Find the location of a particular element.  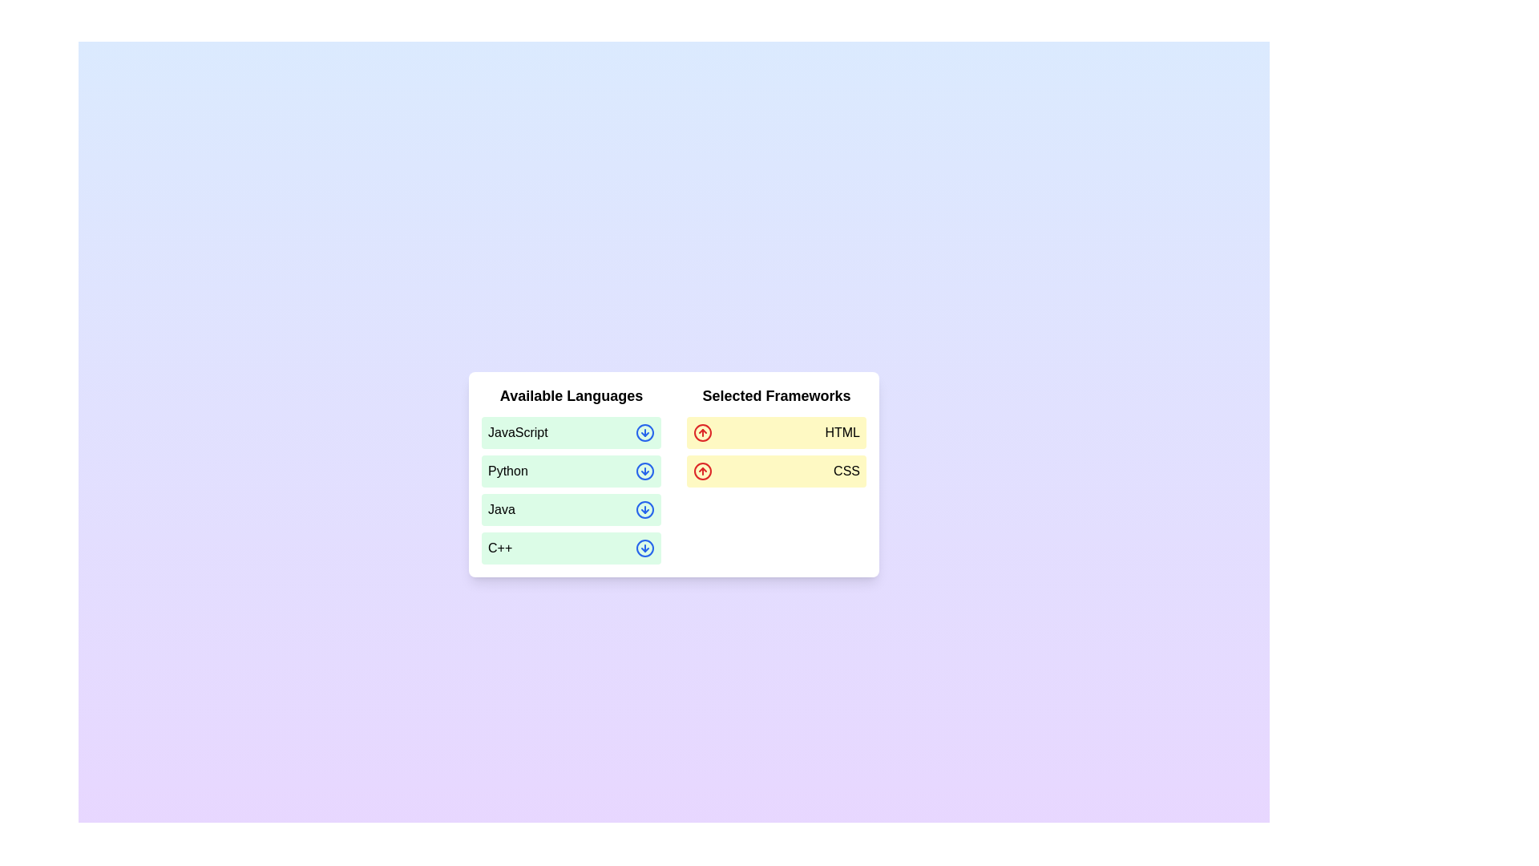

the icon corresponding to Python is located at coordinates (645, 470).